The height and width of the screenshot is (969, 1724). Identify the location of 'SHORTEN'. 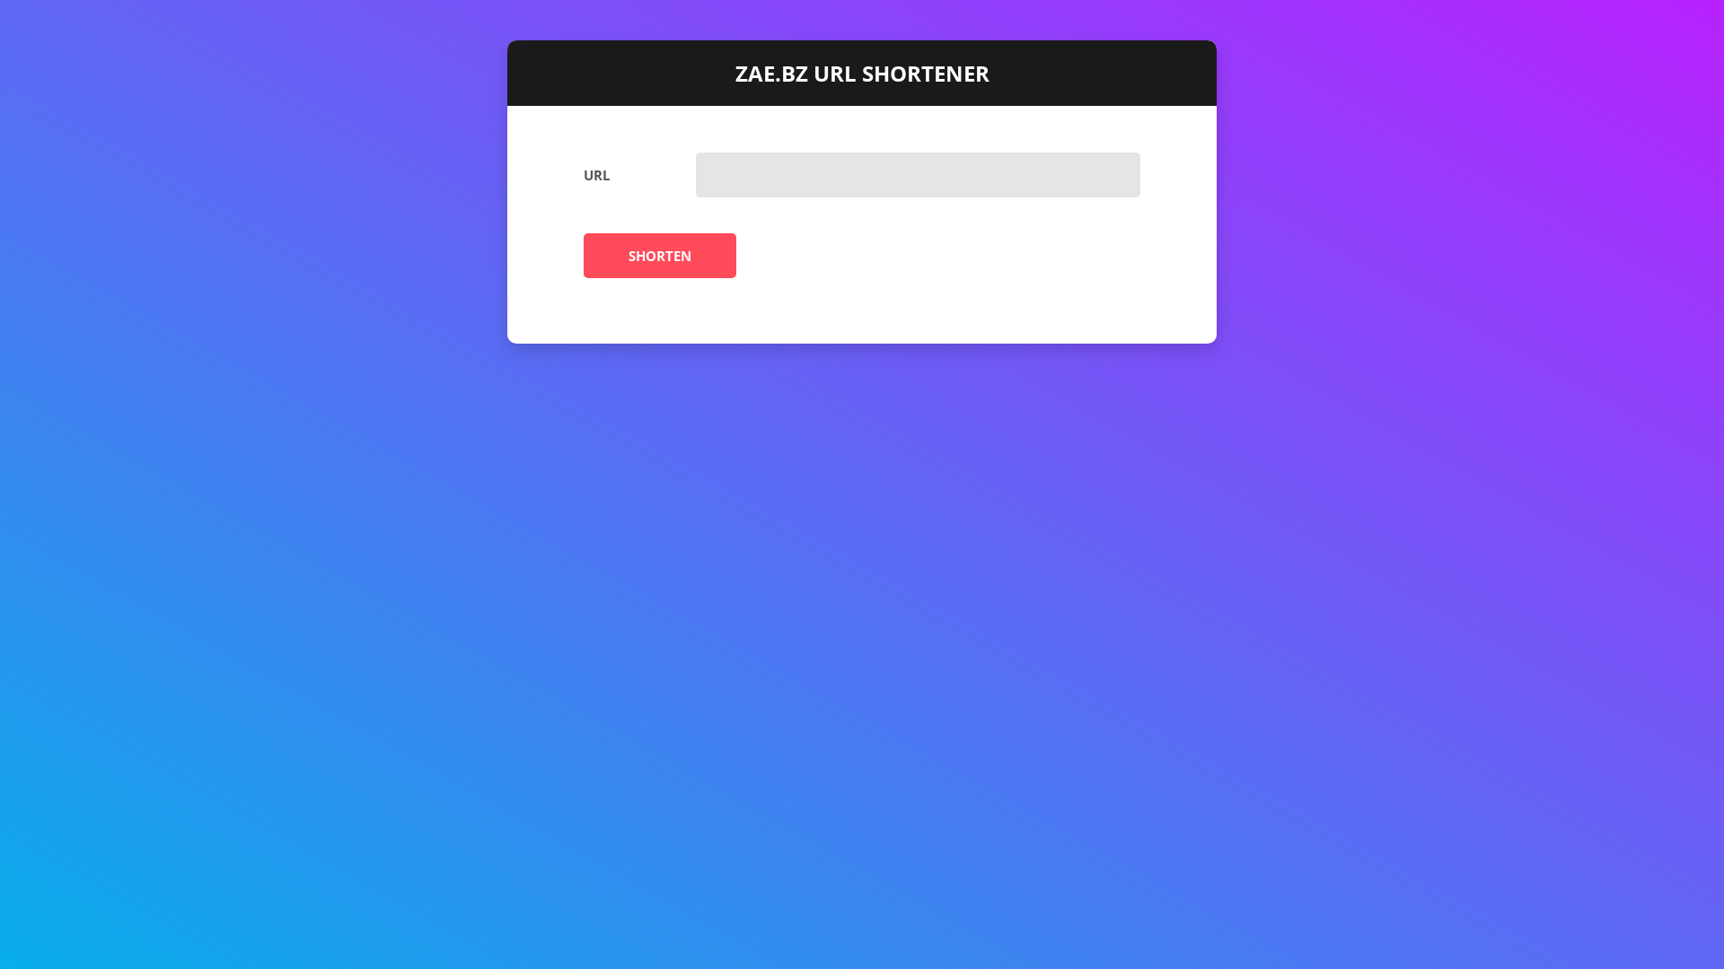
(658, 256).